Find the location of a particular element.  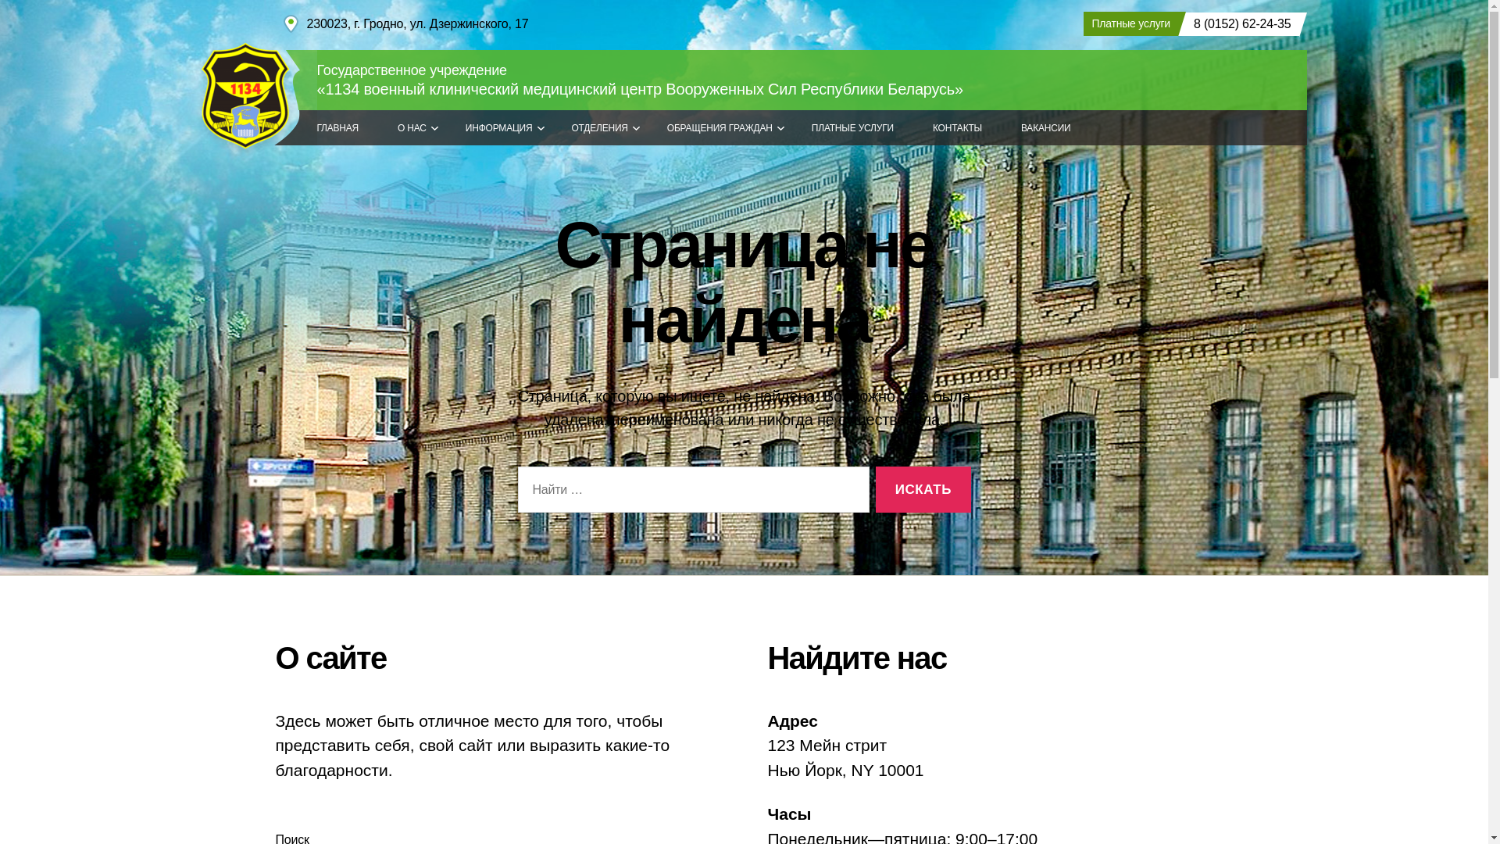

'8 (0152) 62-24-35' is located at coordinates (1237, 23).